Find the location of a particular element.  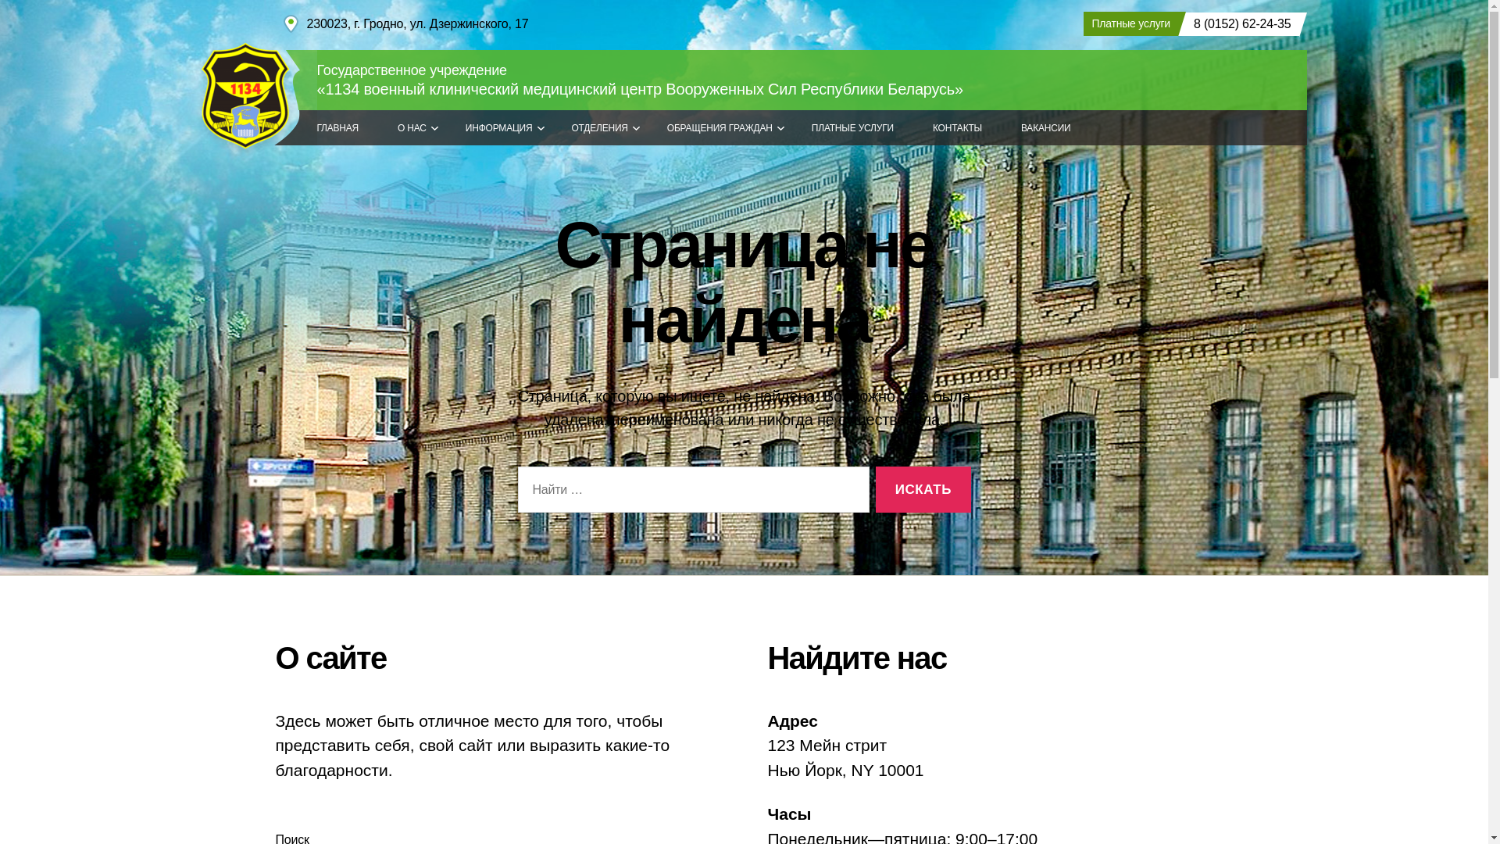

'8 (0152) 62-24-35' is located at coordinates (1237, 23).